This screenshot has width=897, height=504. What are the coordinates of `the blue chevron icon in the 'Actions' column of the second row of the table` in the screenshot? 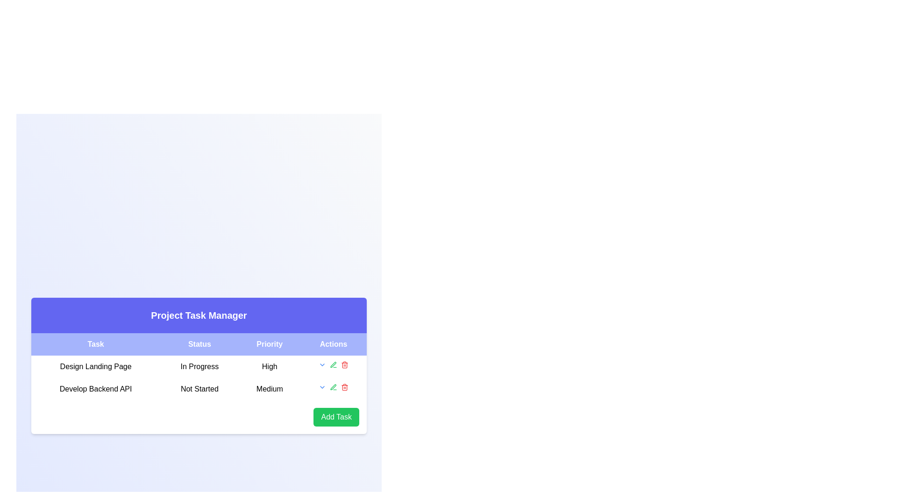 It's located at (322, 387).